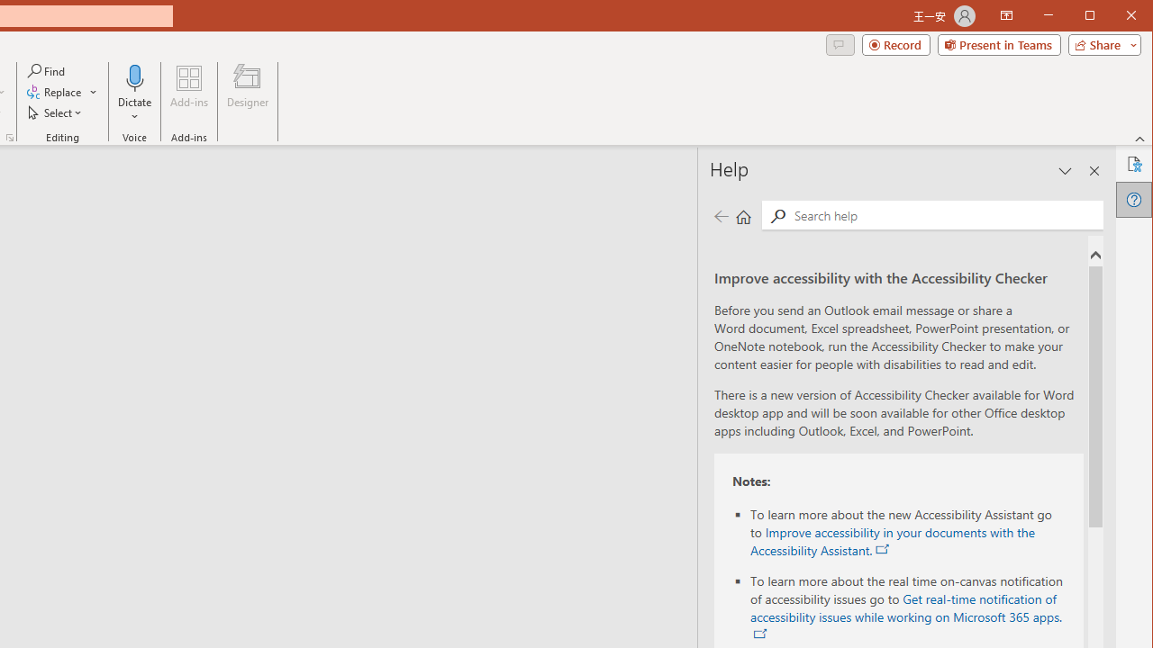 The image size is (1153, 648). What do you see at coordinates (9, 137) in the screenshot?
I see `'Format Object...'` at bounding box center [9, 137].